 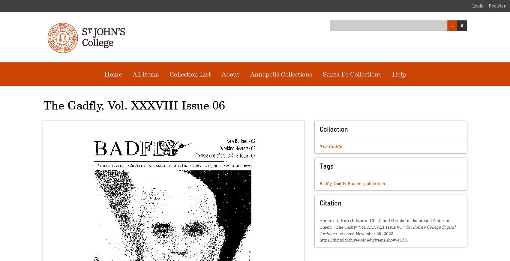 I want to click on 'Student publication', so click(x=366, y=183).